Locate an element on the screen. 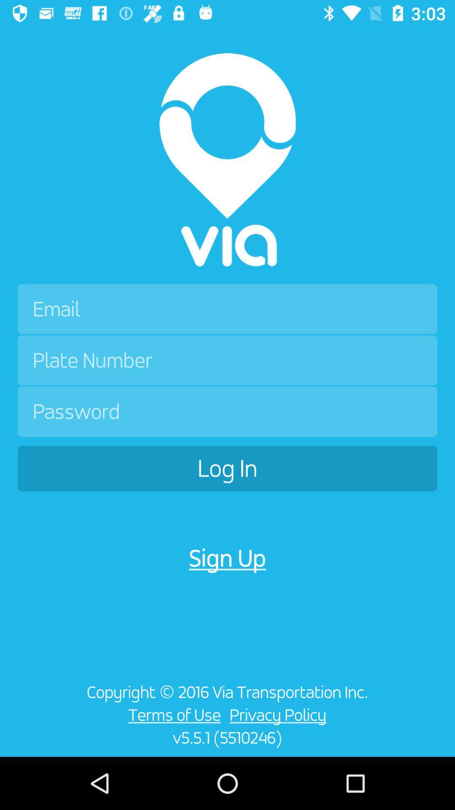 Image resolution: width=455 pixels, height=810 pixels. the log in icon is located at coordinates (227, 468).